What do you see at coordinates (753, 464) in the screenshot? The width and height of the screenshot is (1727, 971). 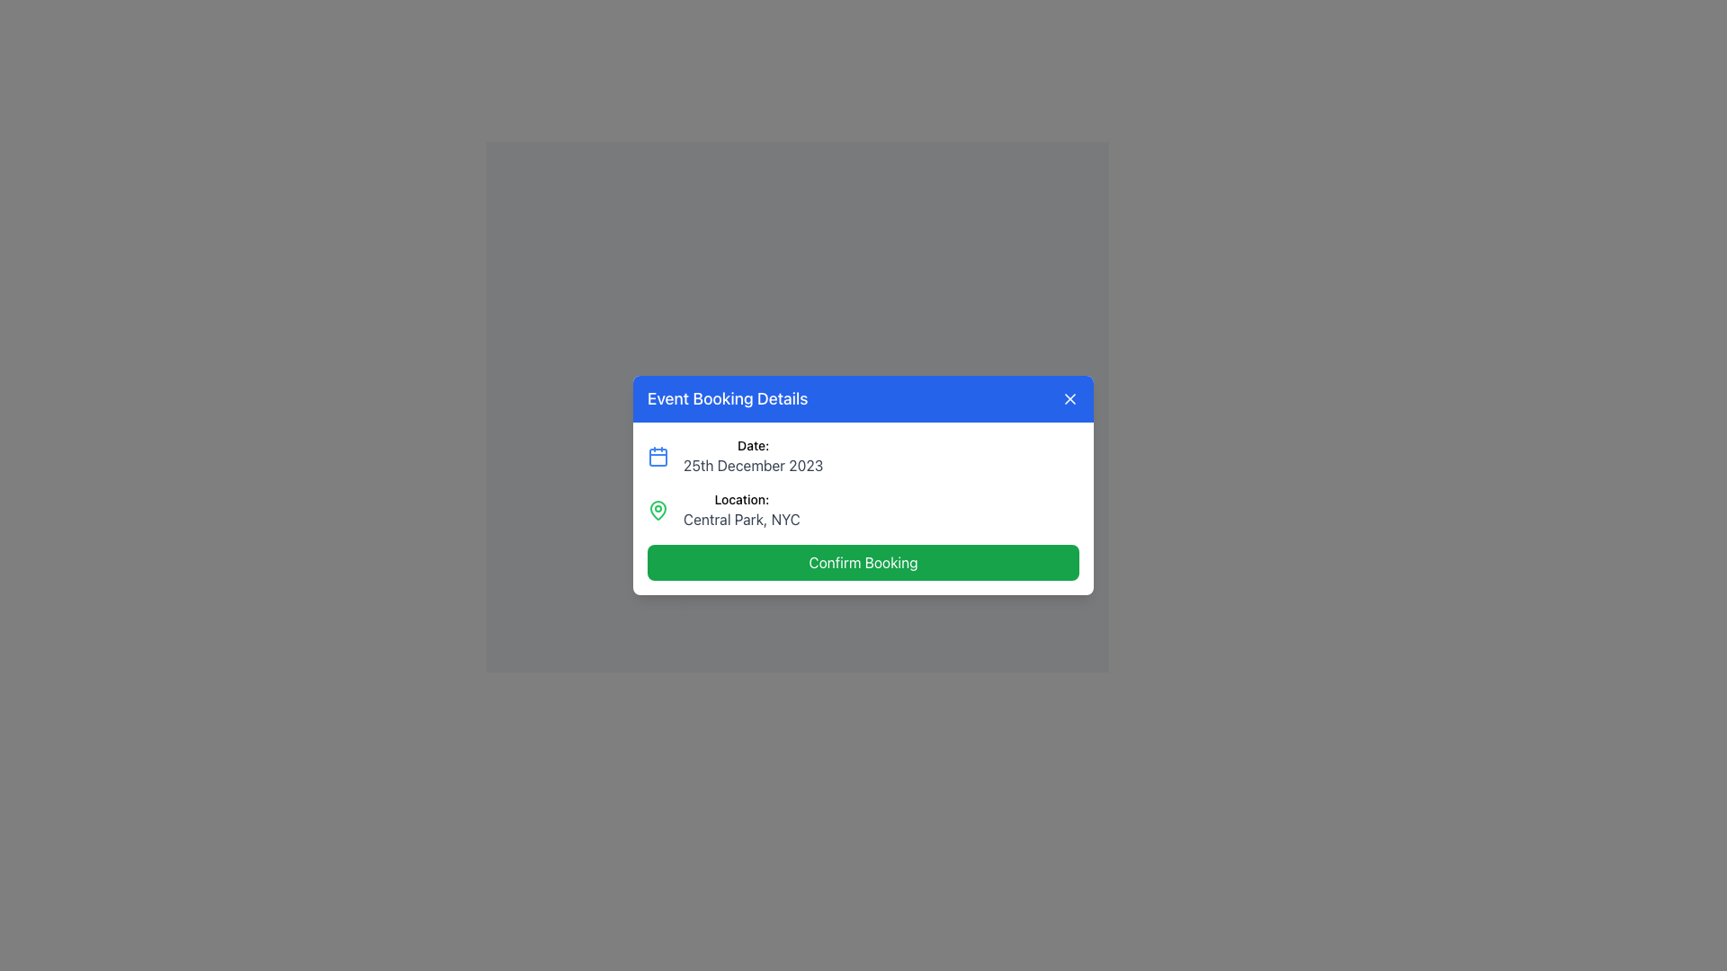 I see `the text display showing '25th December 2023' which is located next to the 'Date:' label within the 'Event Booking Details' modal dialog` at bounding box center [753, 464].